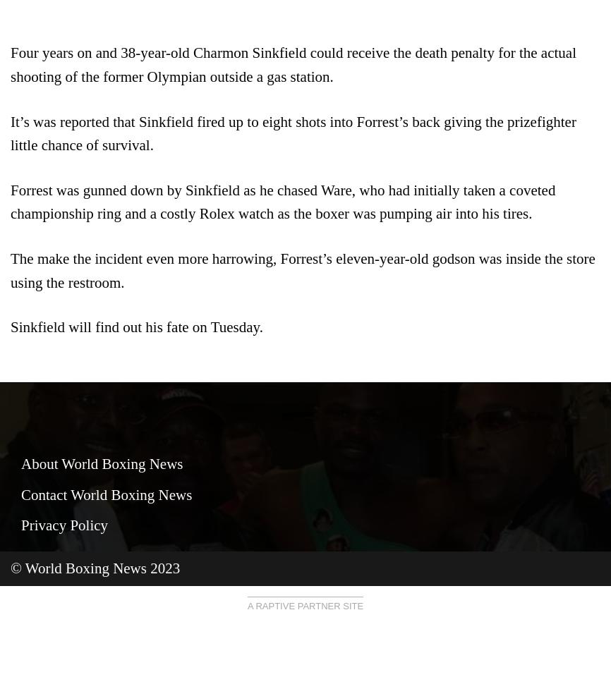 Image resolution: width=611 pixels, height=689 pixels. I want to click on 'It’s was reported that Sinkfield fired up to eight shots into Forrest’s back giving the prizefighter little chance of survival.', so click(292, 132).